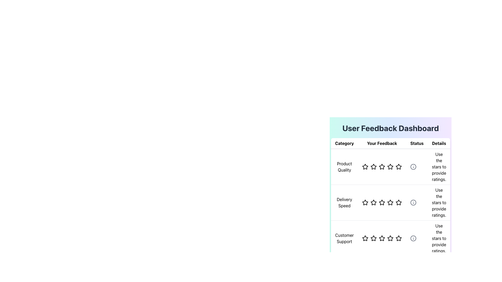  Describe the element at coordinates (373, 202) in the screenshot. I see `the single-star rating icon button for 'Delivery Speed' in the 'Your Feedback' column` at that location.